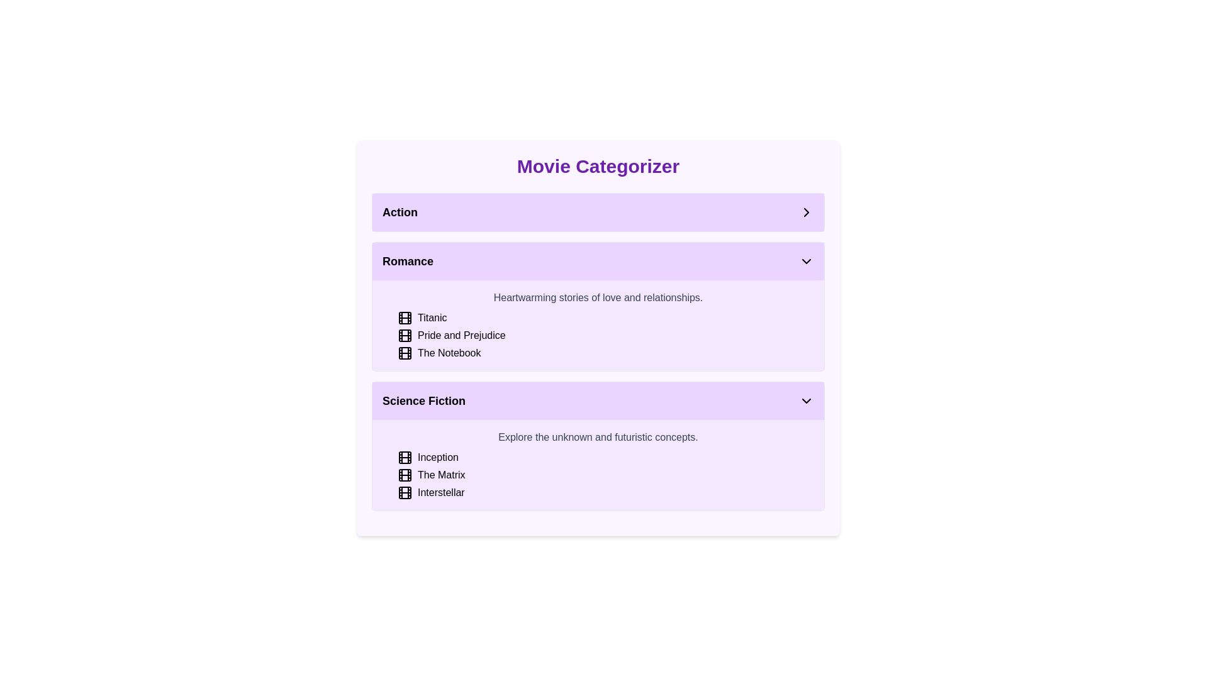  I want to click on the toggle icon located in the upper-right corner of the 'Romance' section header, so click(806, 261).